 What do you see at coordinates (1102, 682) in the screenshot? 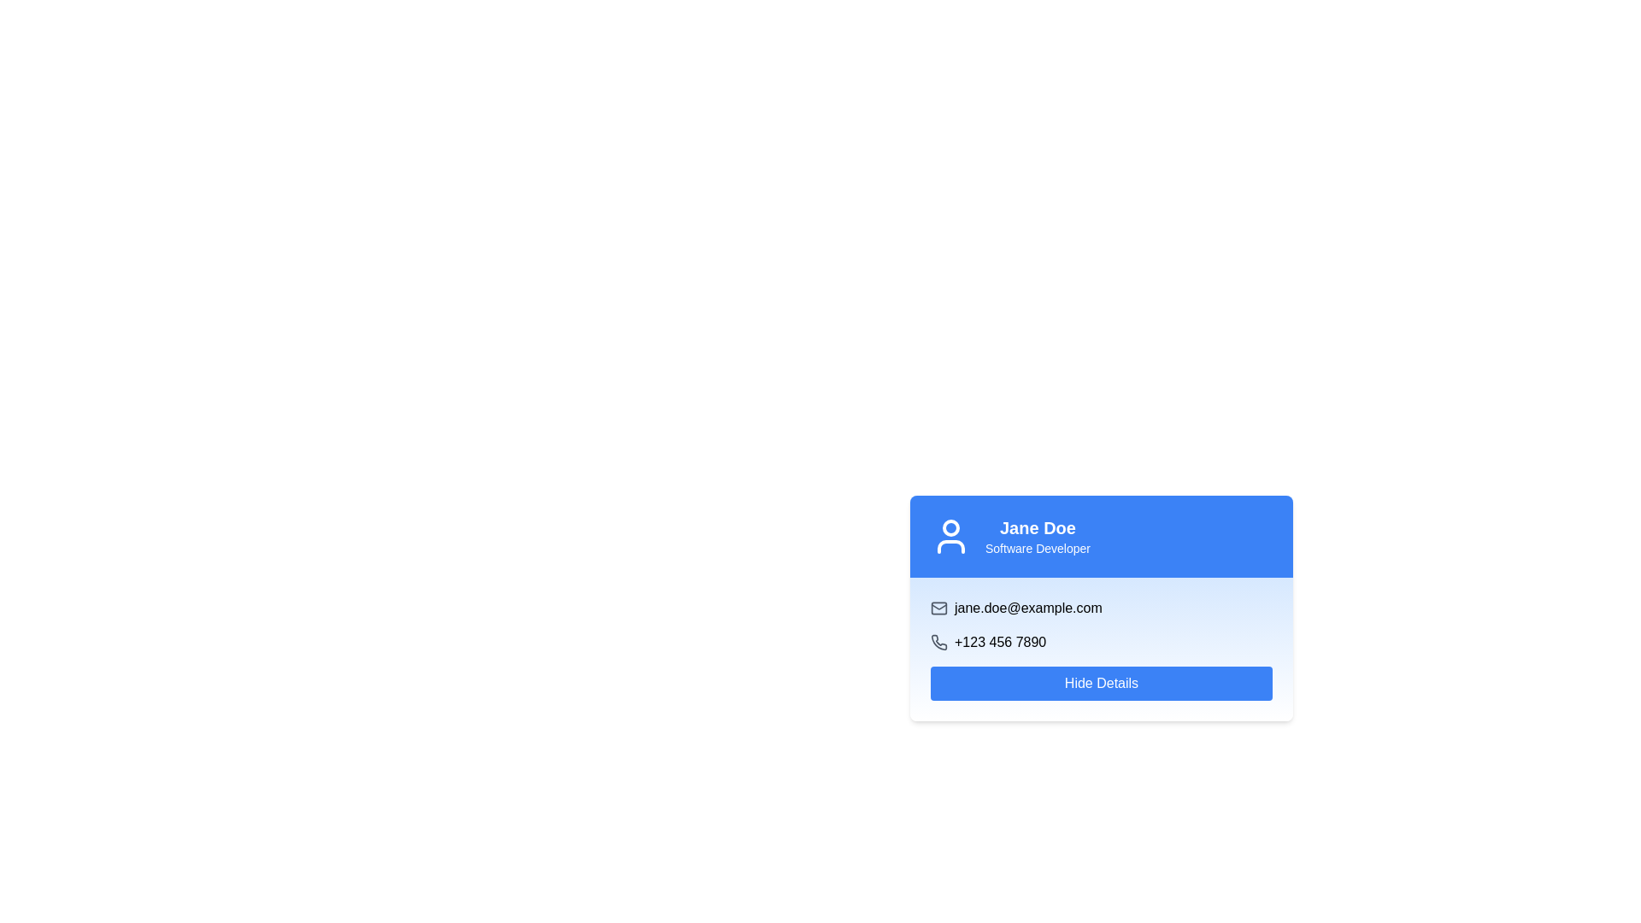
I see `the button located at the bottom of the information card to hide the displayed details` at bounding box center [1102, 682].